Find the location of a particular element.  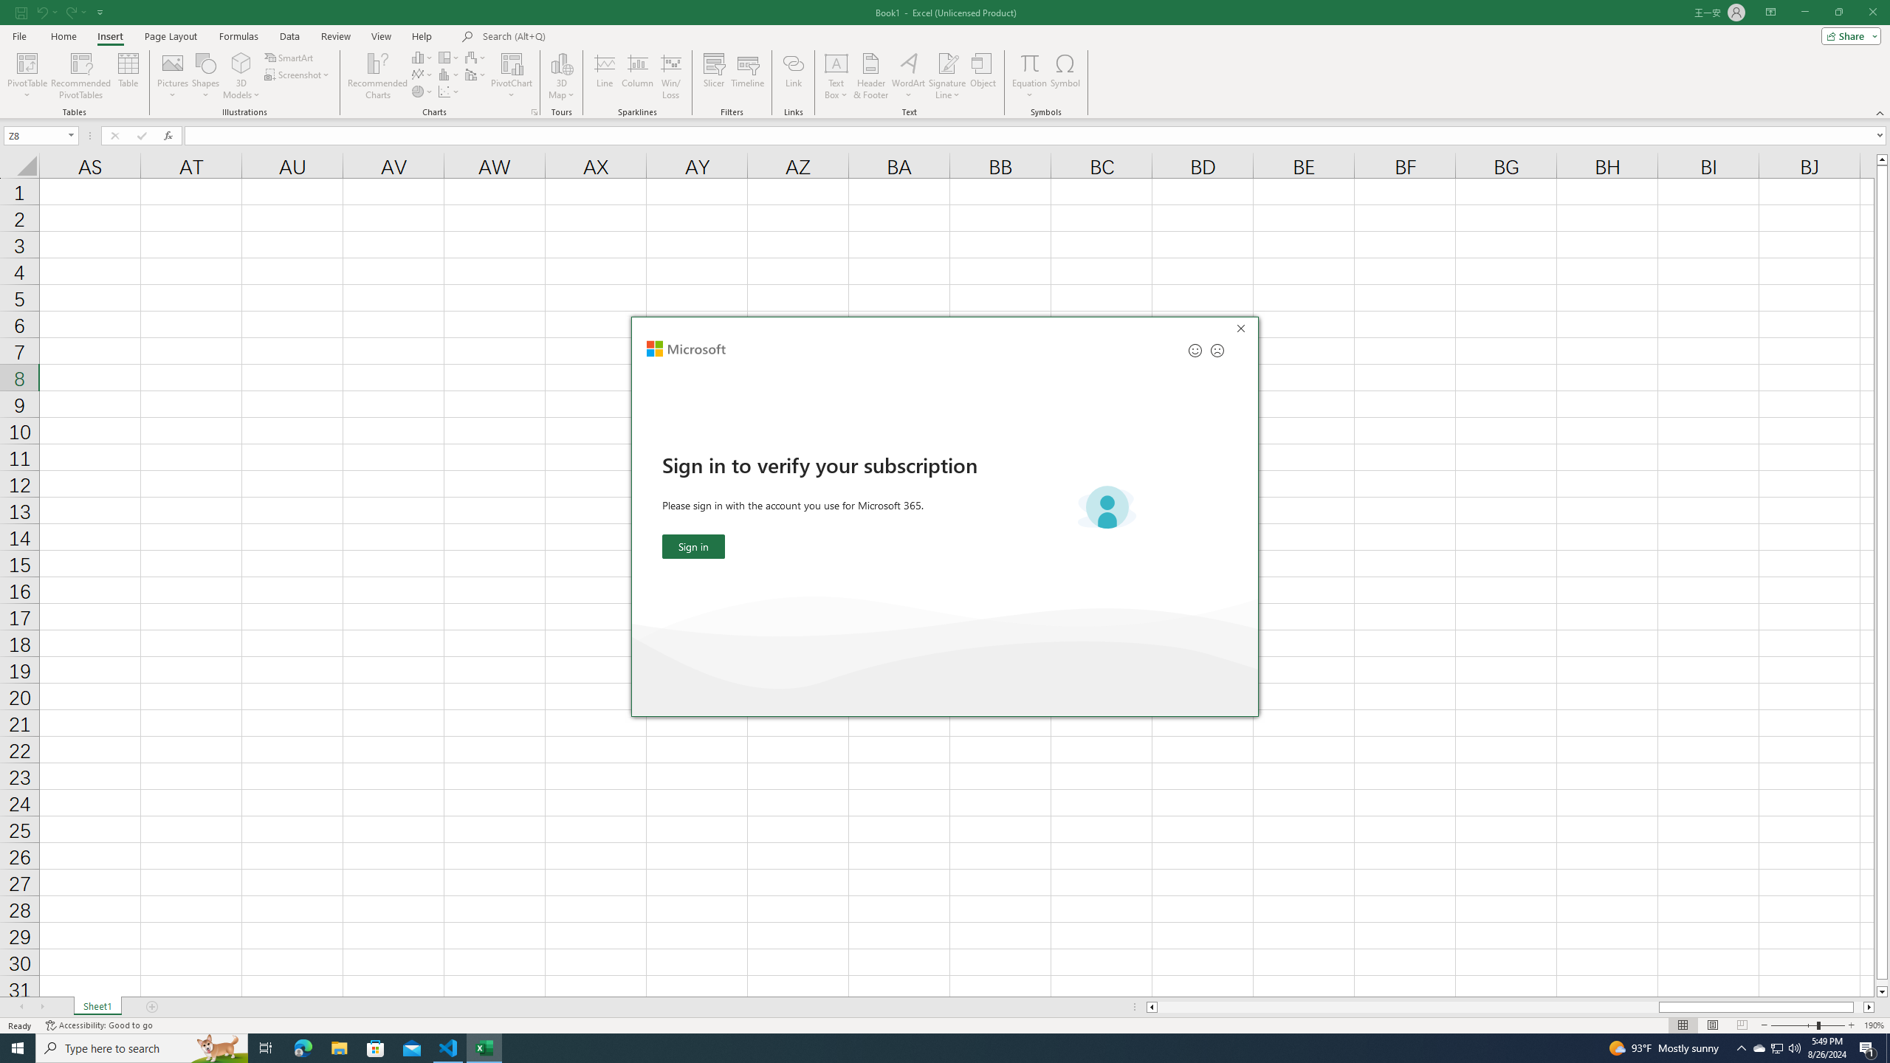

'Send a smile for feedback' is located at coordinates (1195, 350).